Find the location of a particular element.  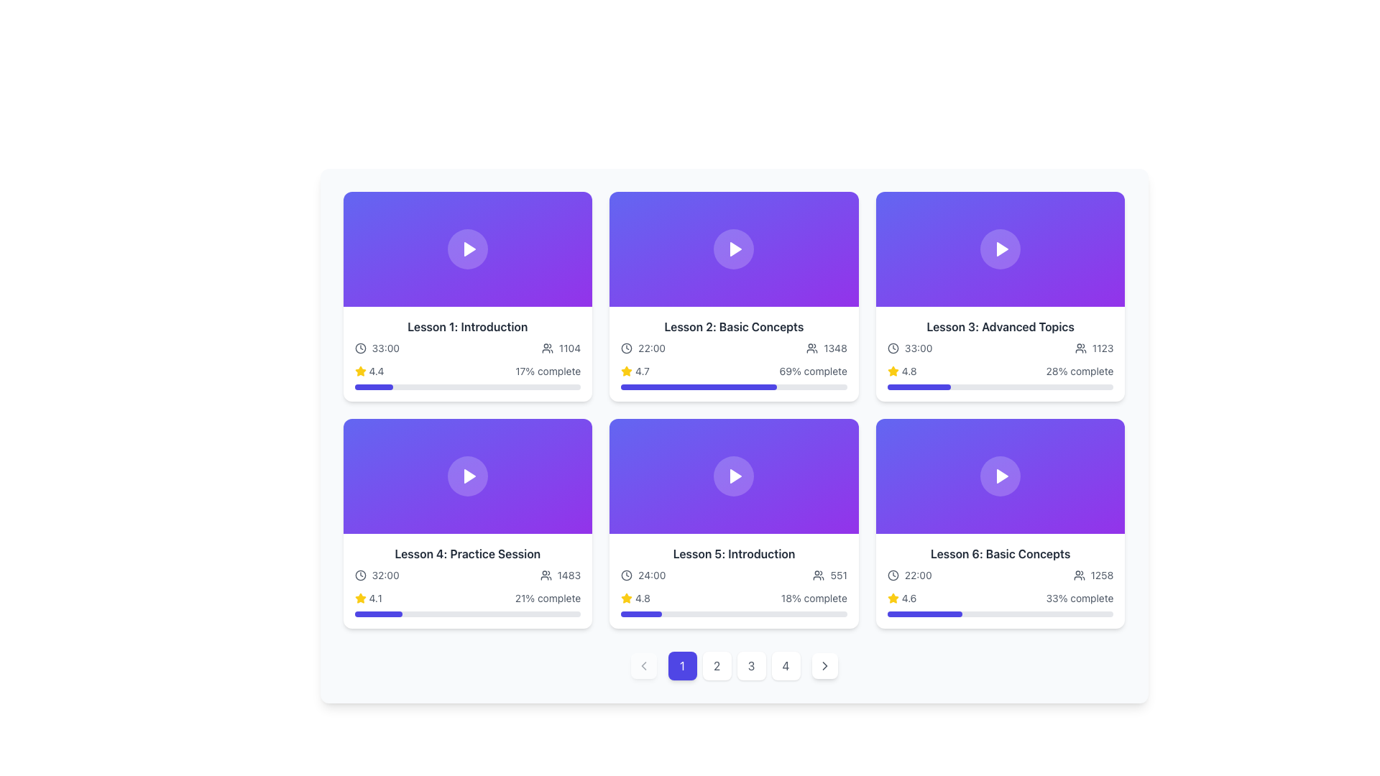

the interactive card titled 'Lesson 6: Basic Concepts' located in the bottom-right corner of the grid is located at coordinates (1000, 524).